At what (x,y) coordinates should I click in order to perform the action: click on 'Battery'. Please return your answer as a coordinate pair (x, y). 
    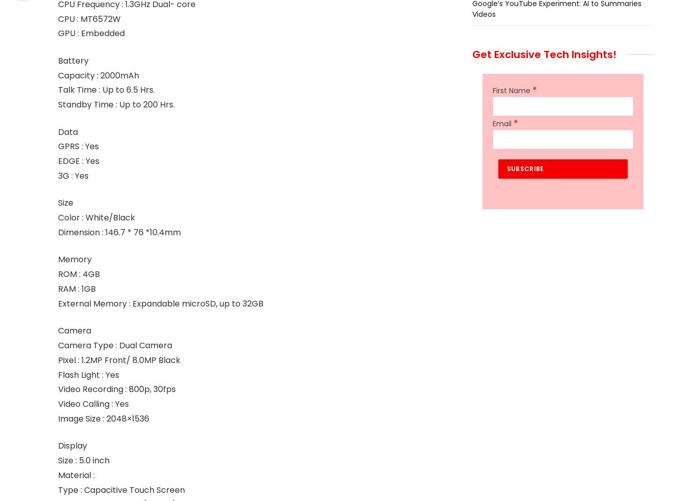
    Looking at the image, I should click on (72, 60).